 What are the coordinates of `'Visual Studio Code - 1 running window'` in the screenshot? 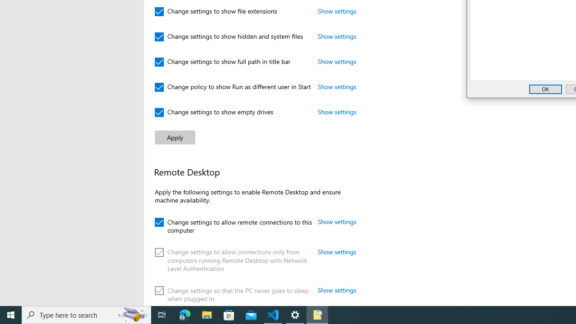 It's located at (273, 314).